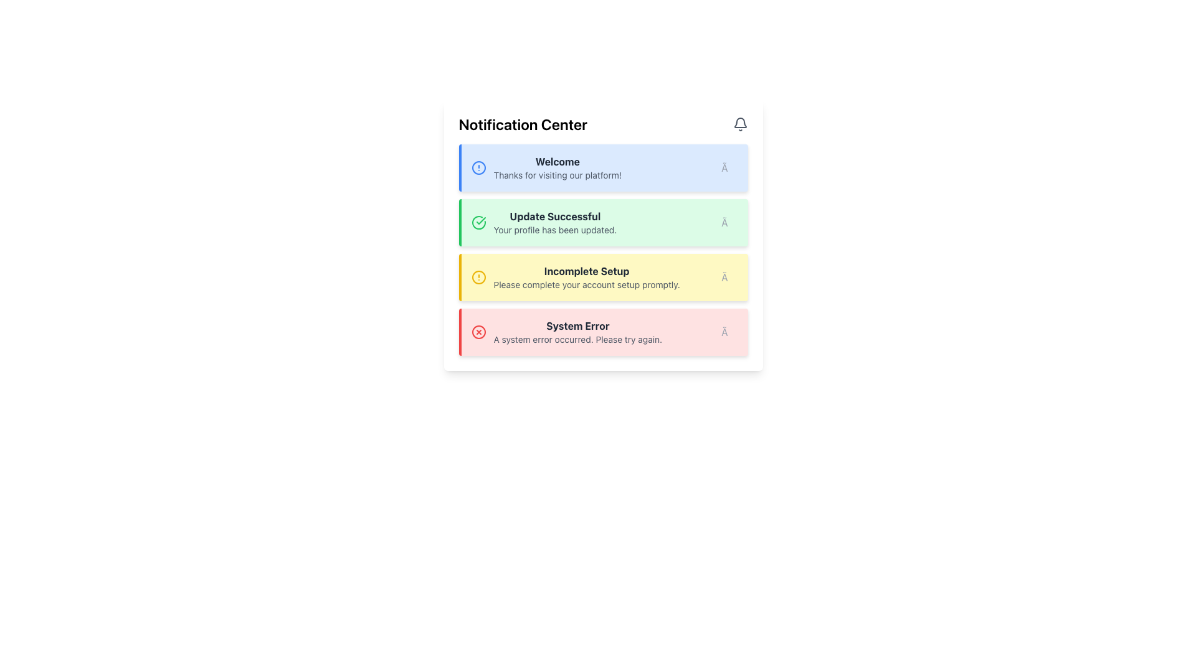 The image size is (1196, 672). I want to click on the dismiss '×' button on the top-right corner of the 'Update Successful' notification bar to trigger a style change, so click(729, 222).